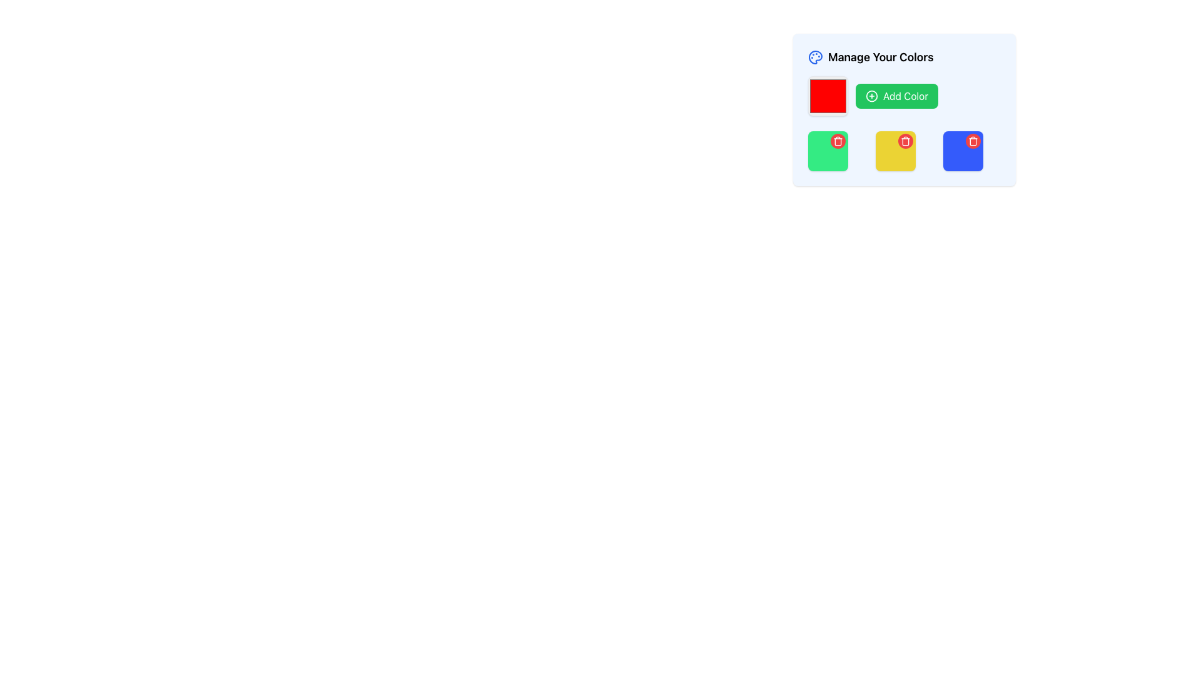  What do you see at coordinates (871, 96) in the screenshot?
I see `the Circular SVG element that is part of the 'Add Color' button, which visually represents the add functionality within the 'Manage Your Colors' group` at bounding box center [871, 96].